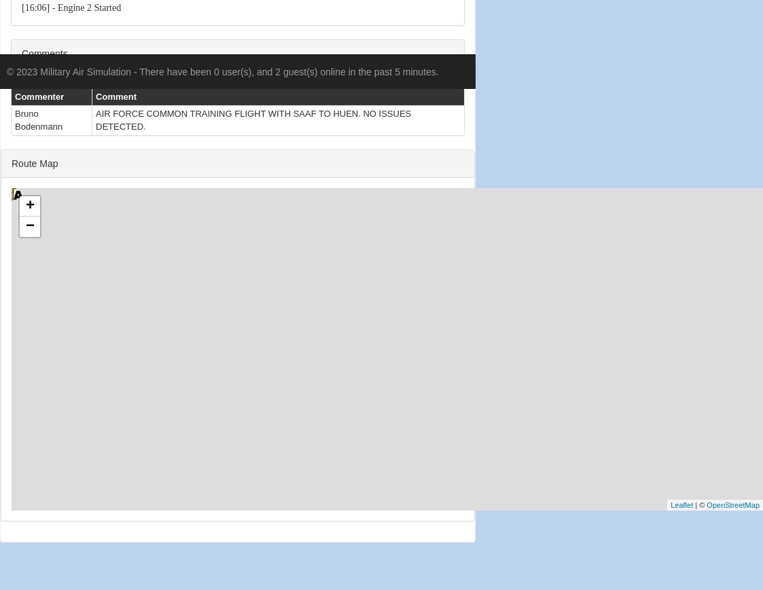  What do you see at coordinates (222, 71) in the screenshot?
I see `'© 2023 Military Air Simulation - There have been 0 user(s), and 2 guest(s) online in the past 5 minutes.'` at bounding box center [222, 71].